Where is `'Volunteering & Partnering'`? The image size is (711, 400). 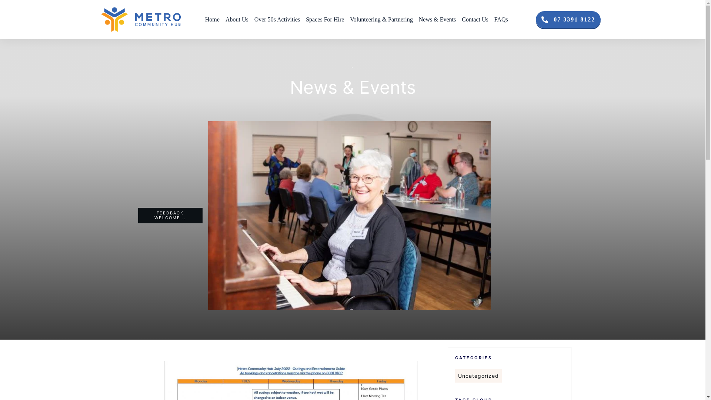 'Volunteering & Partnering' is located at coordinates (350, 19).